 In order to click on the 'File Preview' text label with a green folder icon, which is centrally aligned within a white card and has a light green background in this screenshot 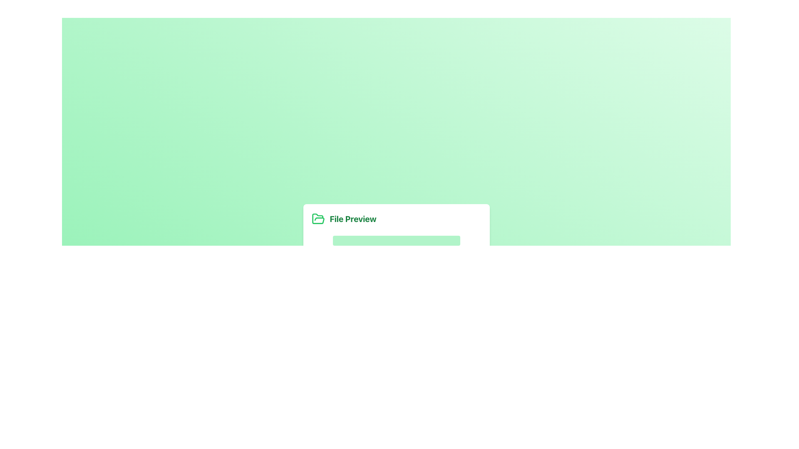, I will do `click(396, 242)`.